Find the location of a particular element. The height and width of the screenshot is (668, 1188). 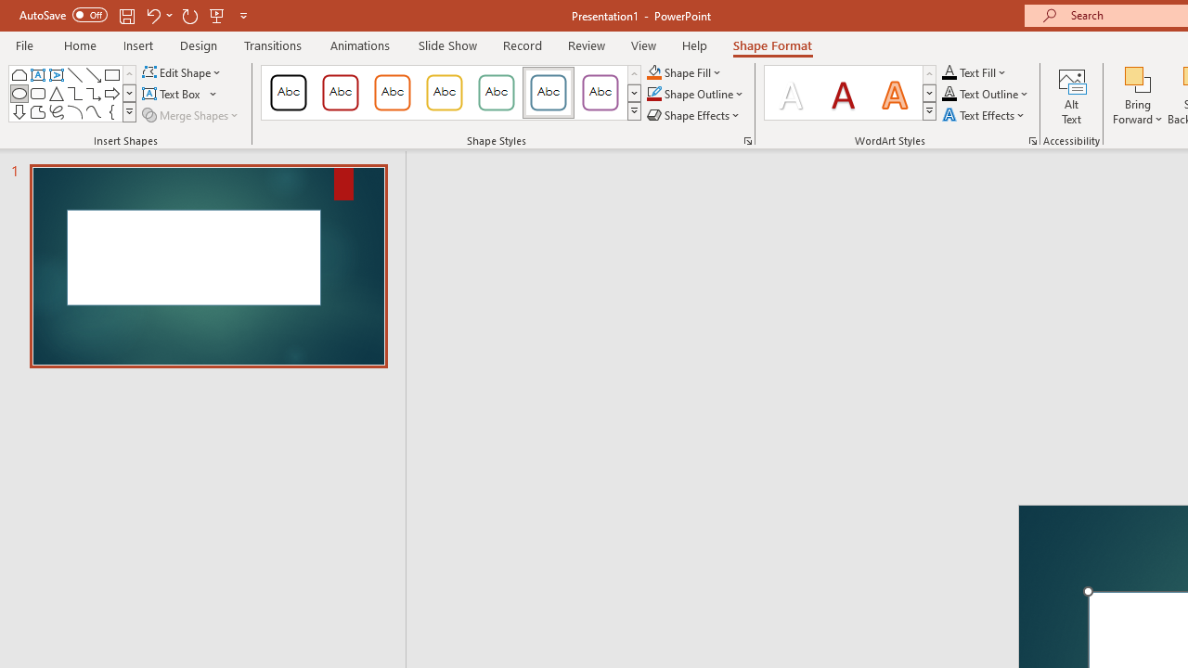

'Rectangle: Top Corners Snipped' is located at coordinates (19, 74).